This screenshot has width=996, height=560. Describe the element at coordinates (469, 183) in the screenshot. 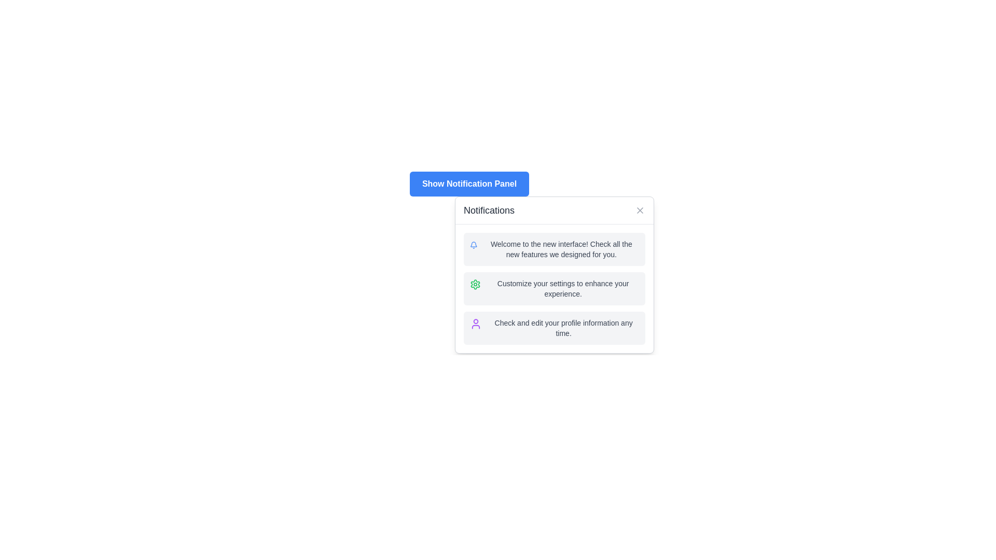

I see `the blue button with rounded edges labeled 'Show Notification Panel'` at that location.